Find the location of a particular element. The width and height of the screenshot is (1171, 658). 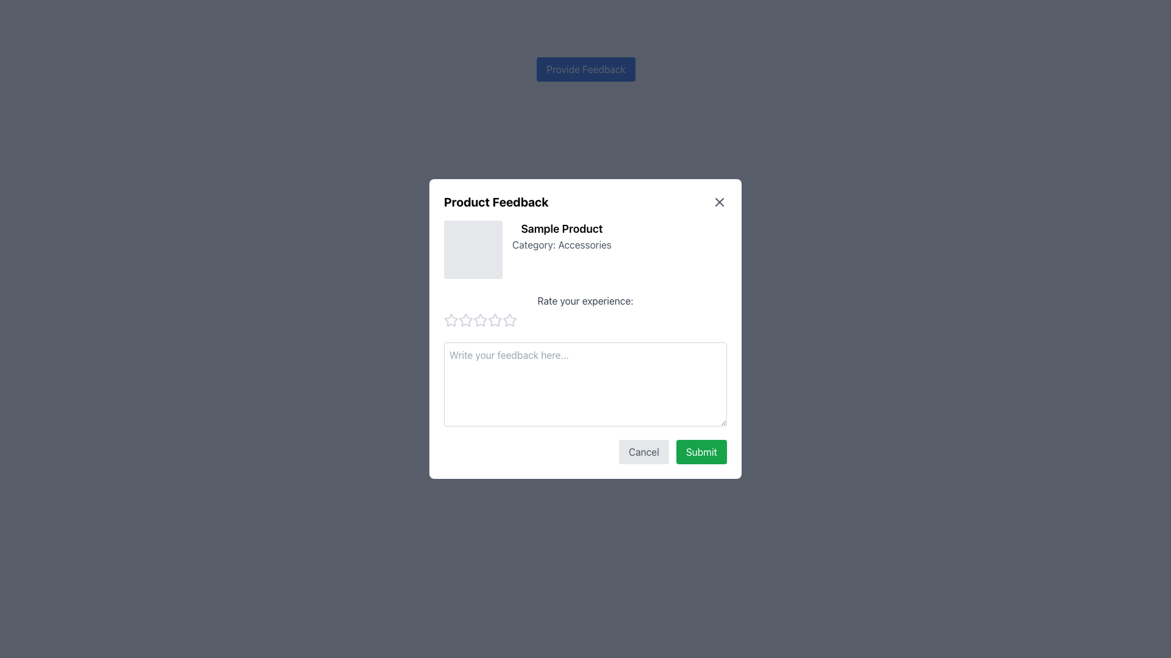

the first star icon in the rating component is located at coordinates (450, 319).